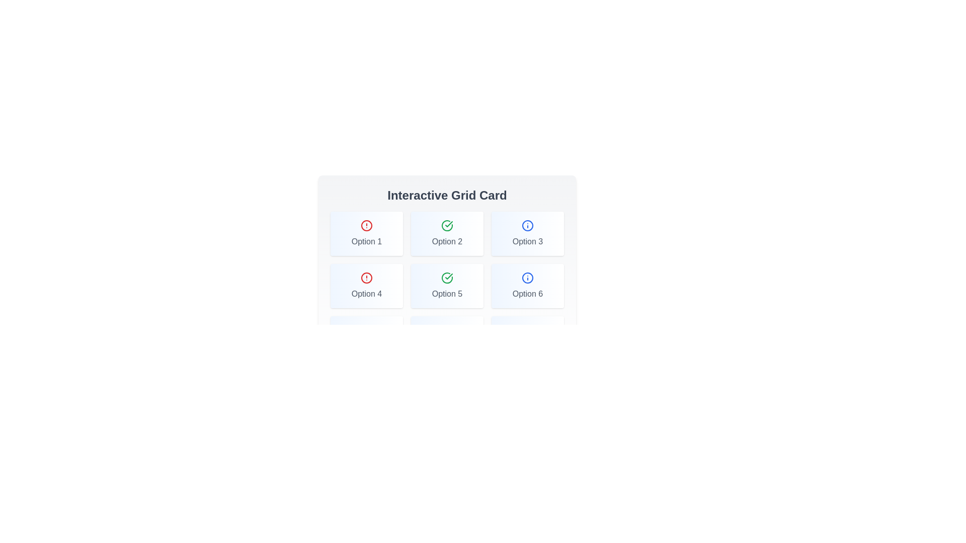 The width and height of the screenshot is (966, 543). What do you see at coordinates (366, 225) in the screenshot?
I see `the notification icon located in the top-left card of the grid layout, centered above the text 'Option 1'` at bounding box center [366, 225].